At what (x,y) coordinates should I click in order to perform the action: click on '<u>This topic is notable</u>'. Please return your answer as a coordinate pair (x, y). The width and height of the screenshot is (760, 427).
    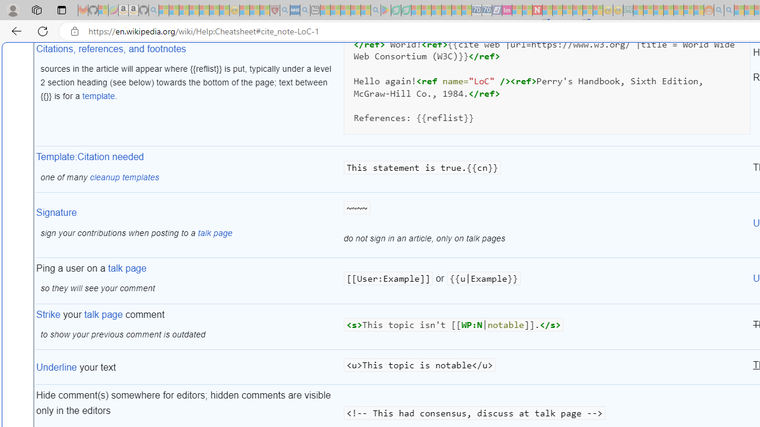
    Looking at the image, I should click on (546, 367).